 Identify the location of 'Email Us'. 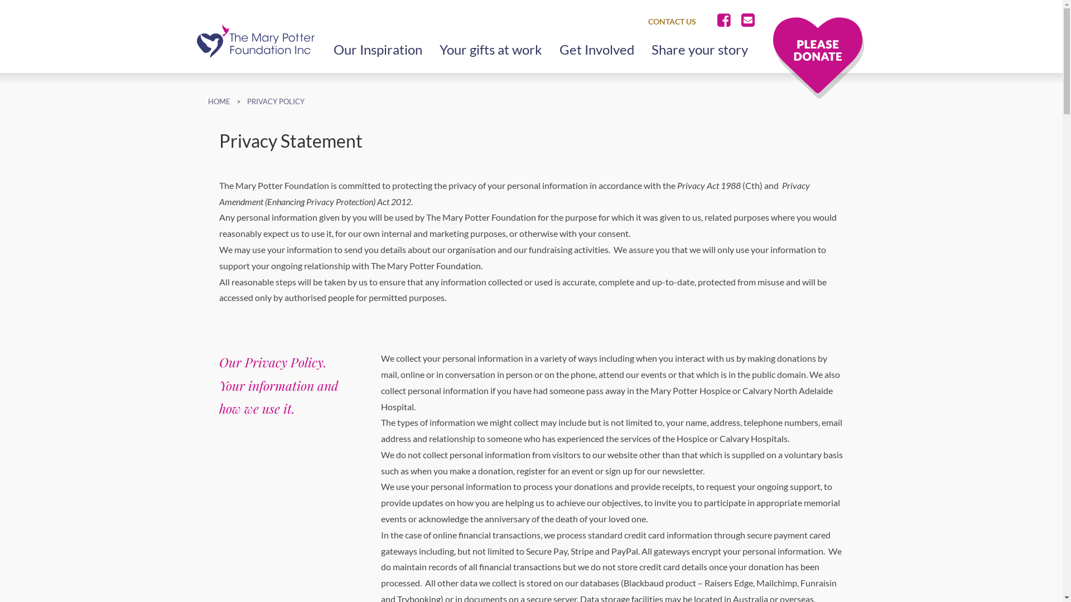
(736, 21).